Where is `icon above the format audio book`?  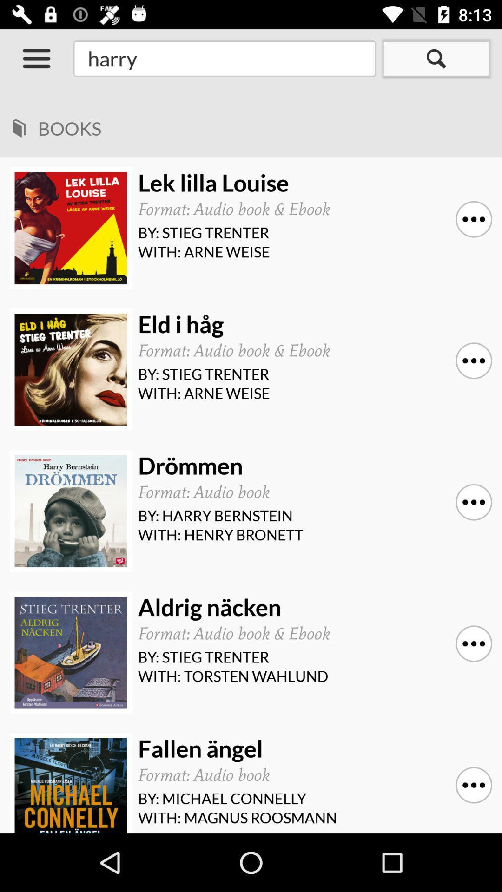 icon above the format audio book is located at coordinates (312, 183).